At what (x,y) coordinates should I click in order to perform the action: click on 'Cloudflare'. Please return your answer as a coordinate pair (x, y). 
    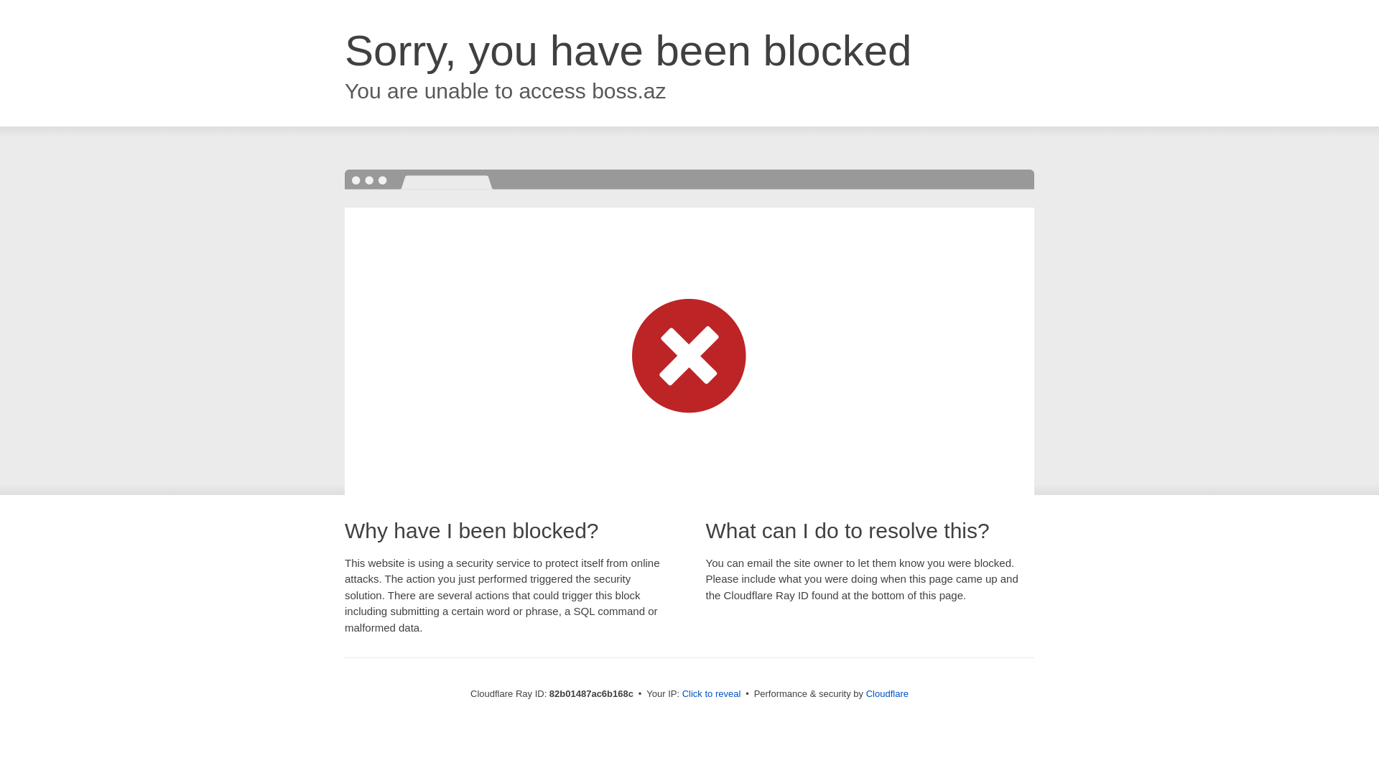
    Looking at the image, I should click on (886, 693).